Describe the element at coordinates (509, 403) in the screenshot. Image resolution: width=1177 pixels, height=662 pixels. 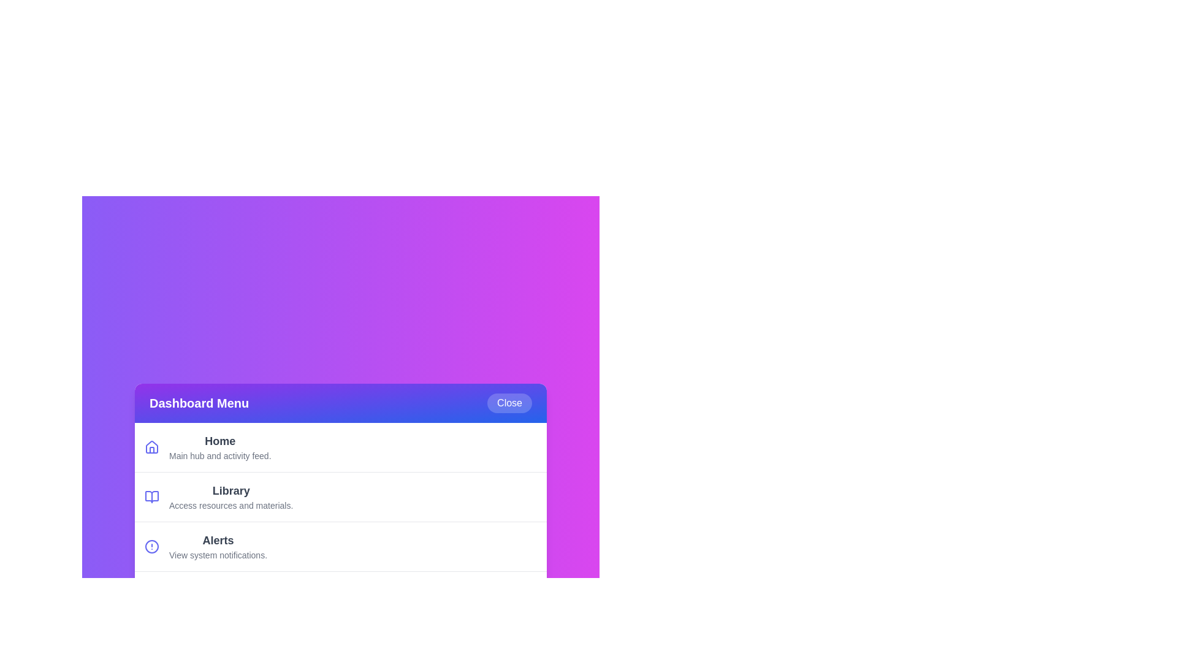
I see `the 'Close' button to toggle the menu visibility` at that location.